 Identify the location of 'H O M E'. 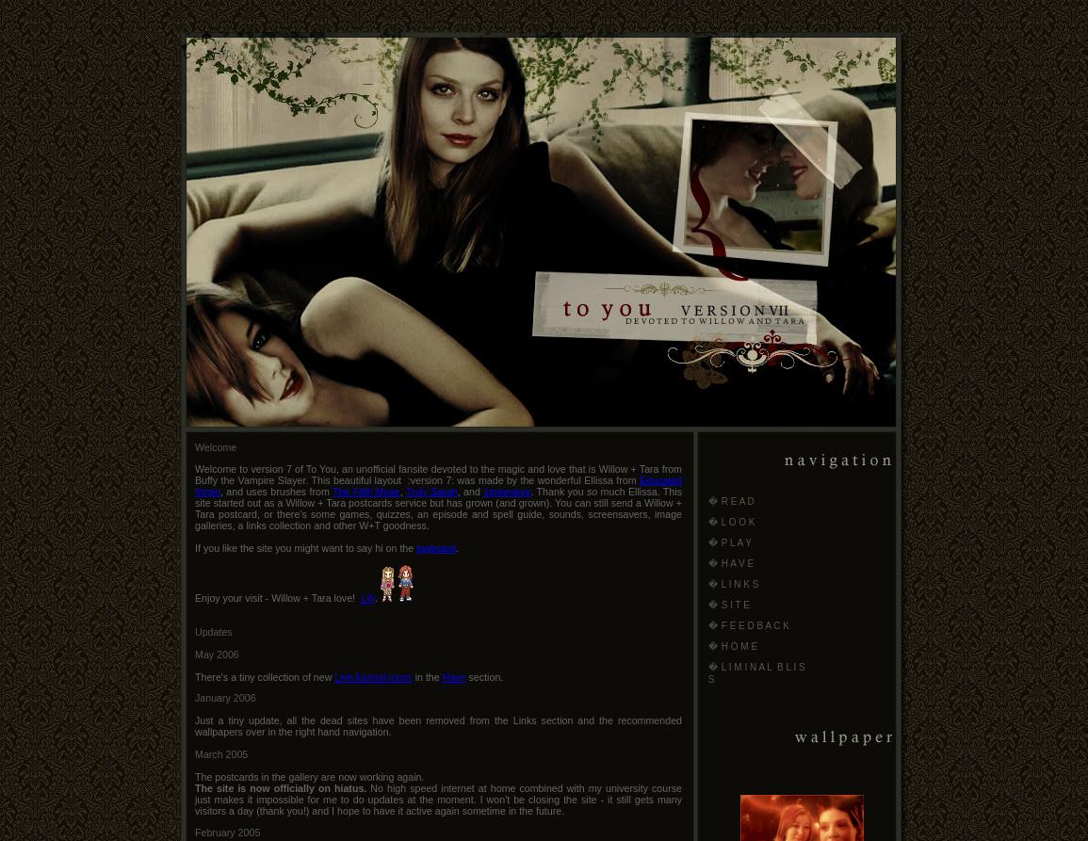
(739, 646).